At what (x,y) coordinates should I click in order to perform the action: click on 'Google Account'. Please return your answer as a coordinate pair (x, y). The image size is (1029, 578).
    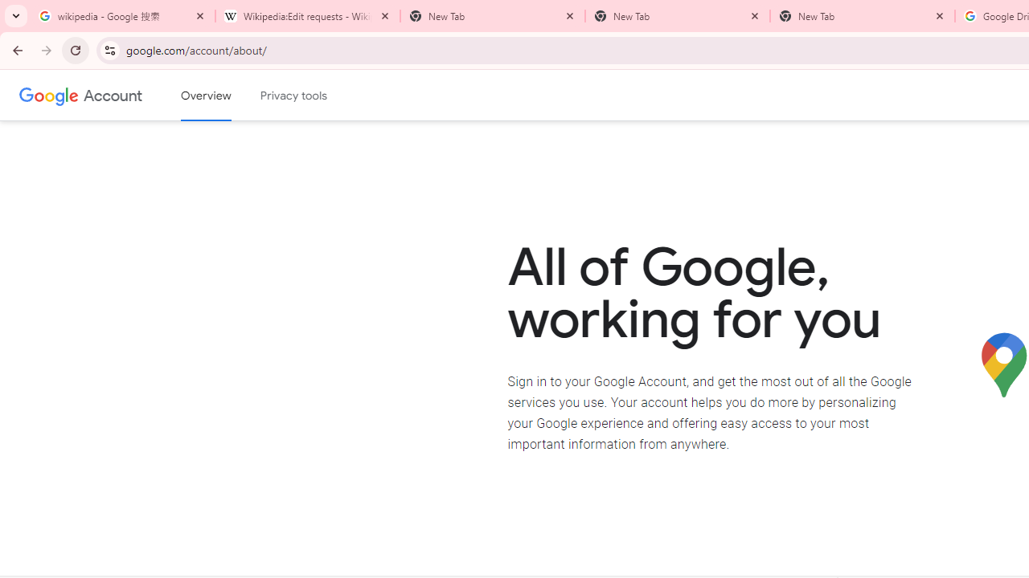
    Looking at the image, I should click on (112, 95).